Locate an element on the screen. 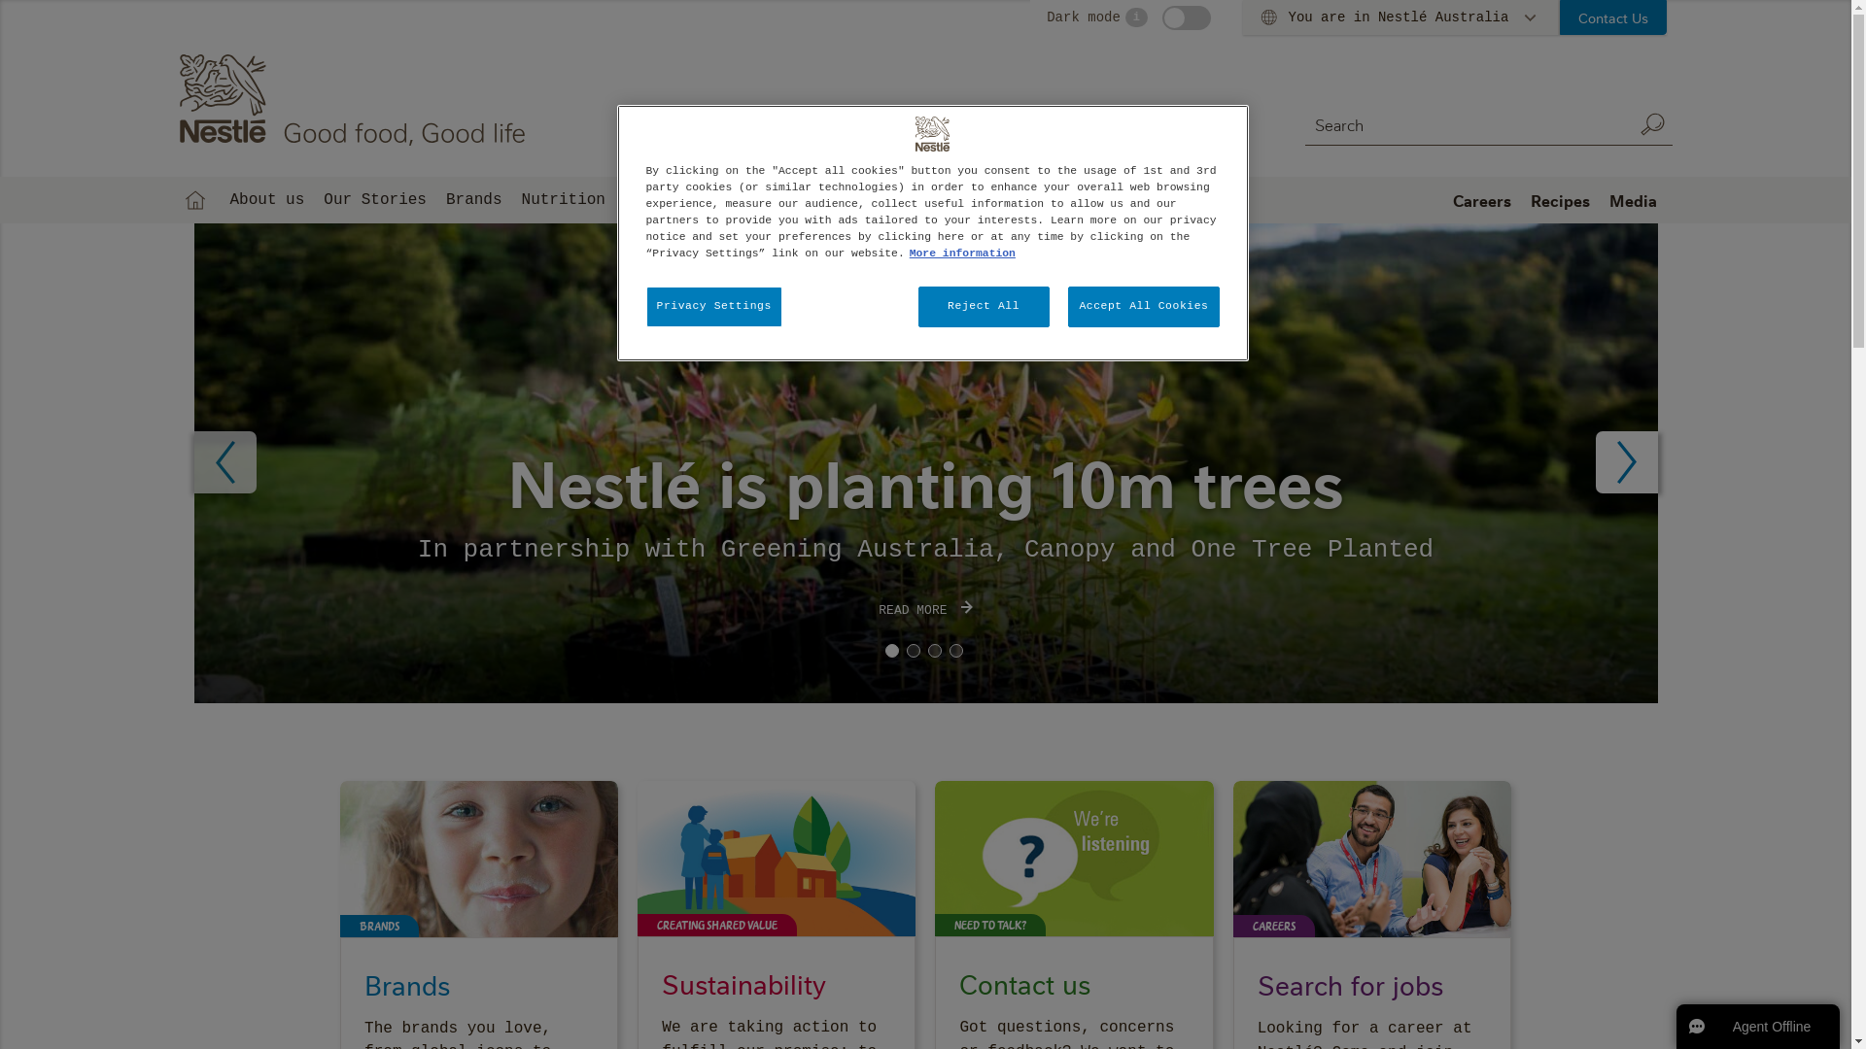  'Contact Us' is located at coordinates (1613, 17).